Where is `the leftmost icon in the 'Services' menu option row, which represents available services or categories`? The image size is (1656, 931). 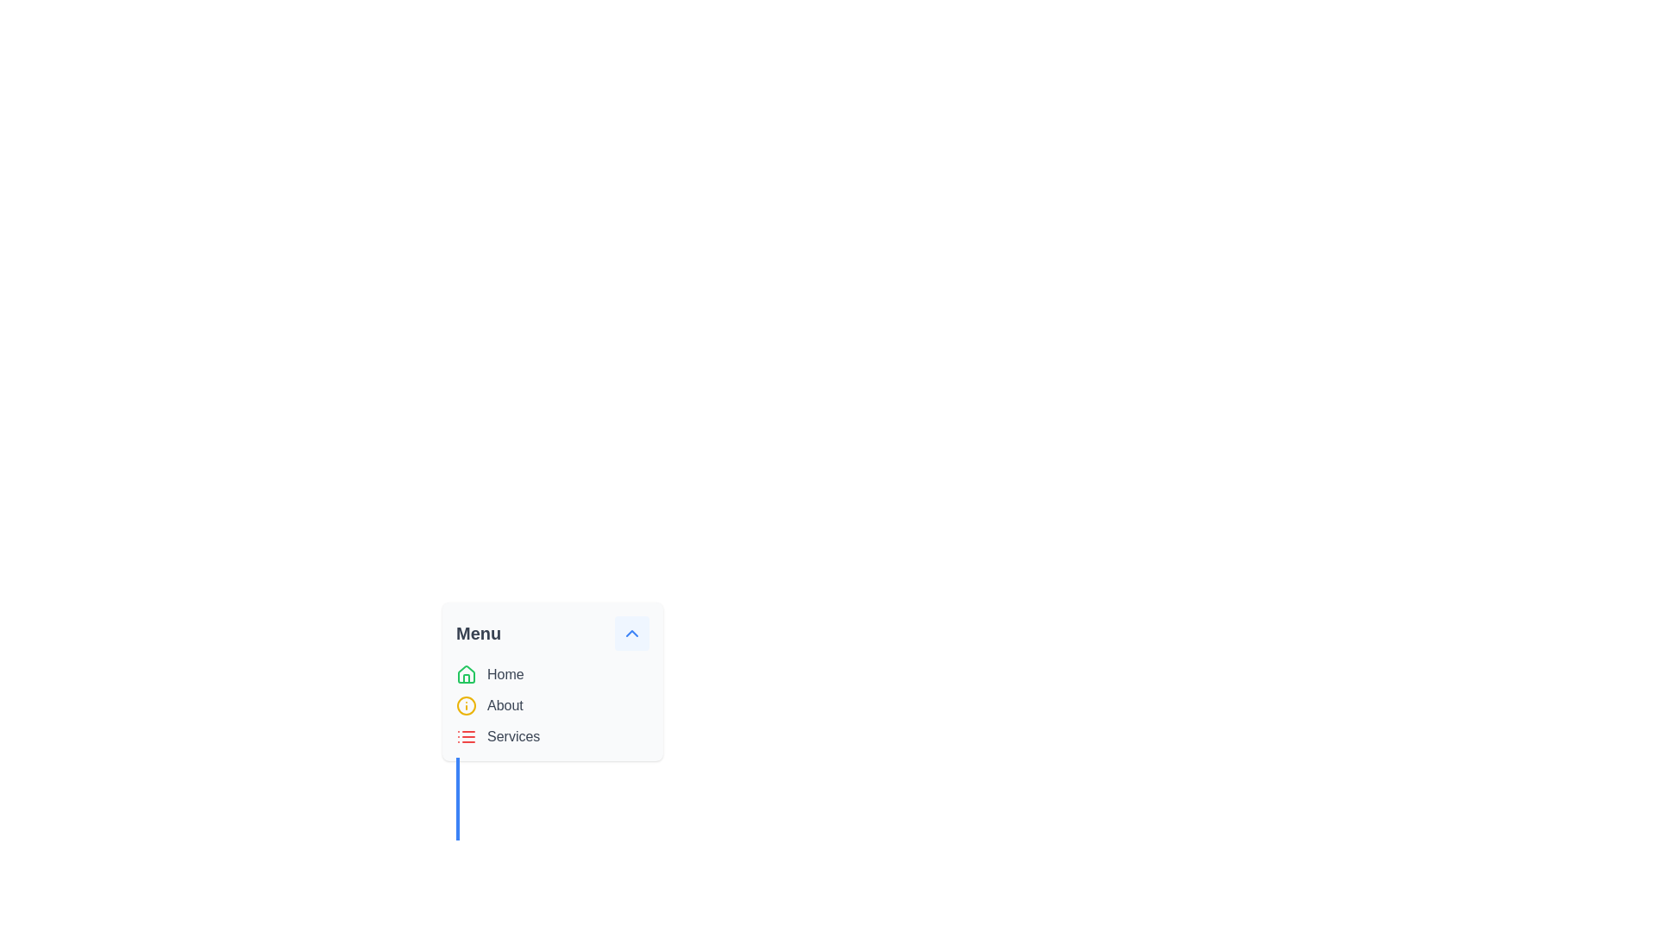 the leftmost icon in the 'Services' menu option row, which represents available services or categories is located at coordinates (467, 737).